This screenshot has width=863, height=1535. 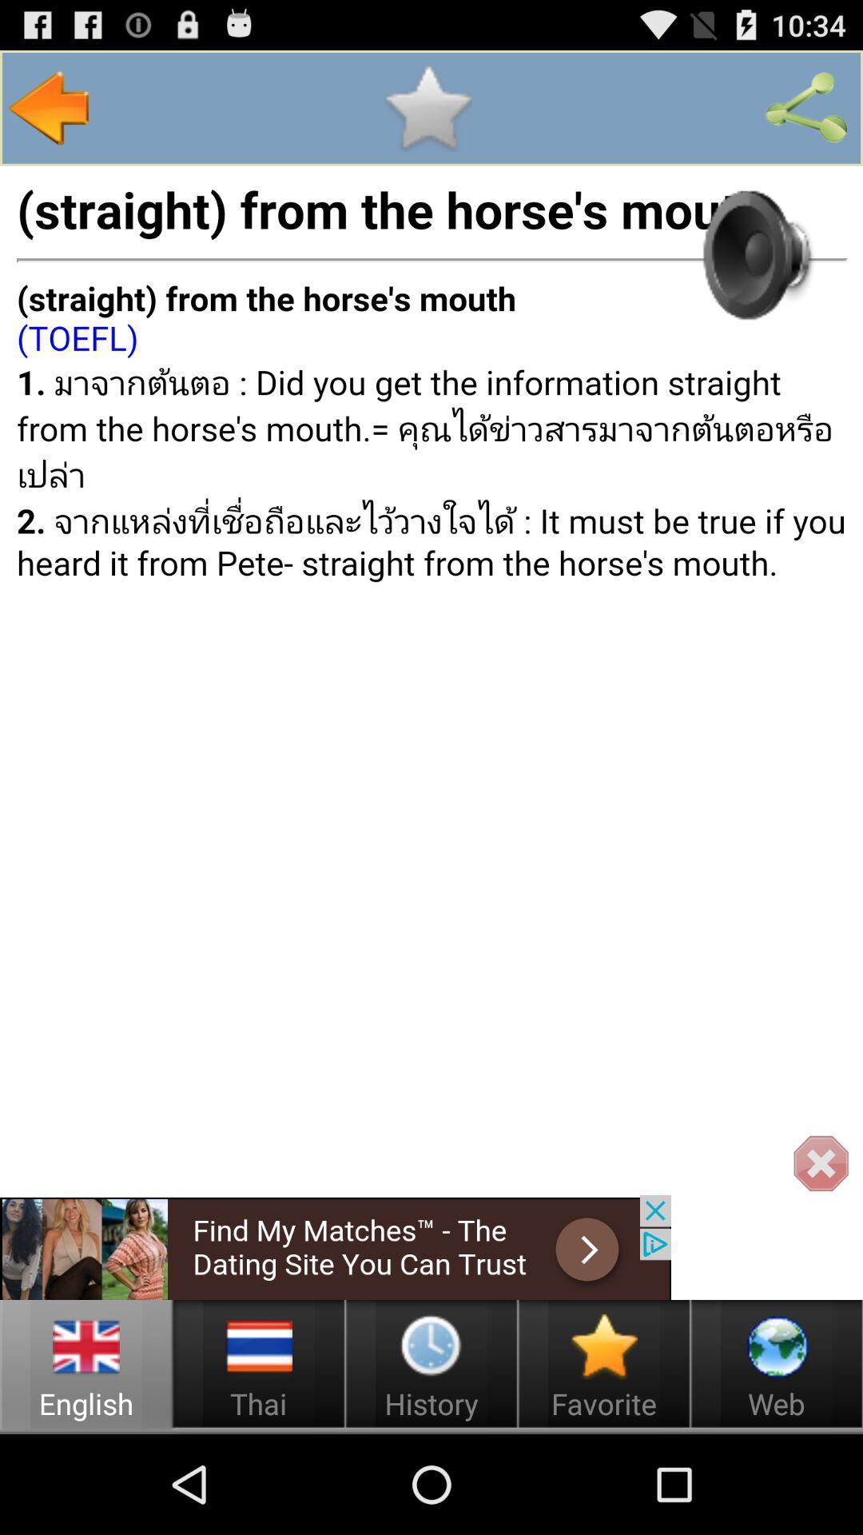 I want to click on hear audio, so click(x=754, y=253).